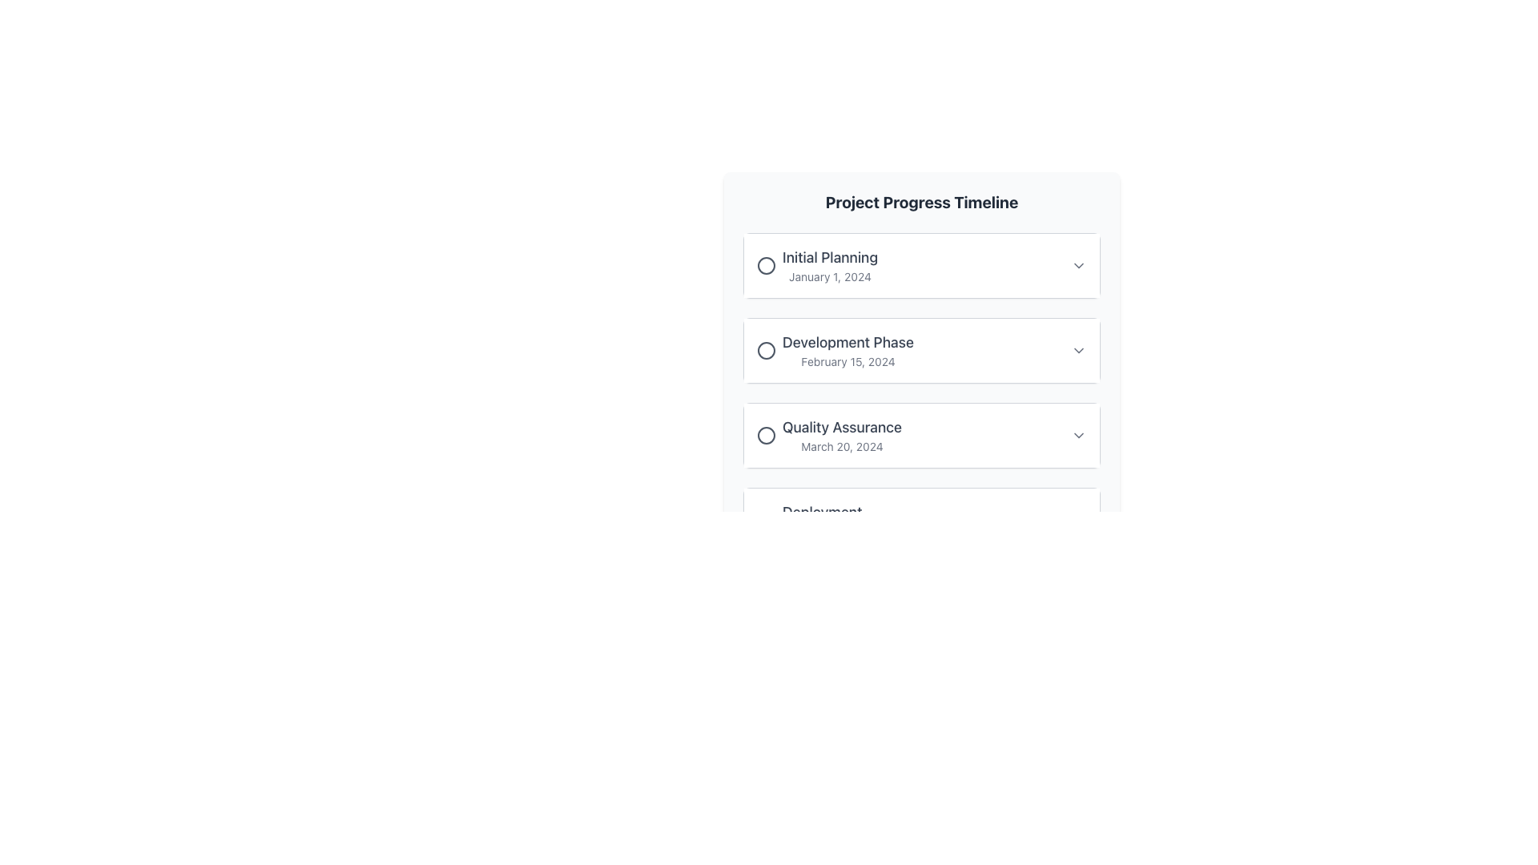  What do you see at coordinates (841, 447) in the screenshot?
I see `date displayed in the Text Label located in the third item of the timeline list under 'Quality Assurance.'` at bounding box center [841, 447].